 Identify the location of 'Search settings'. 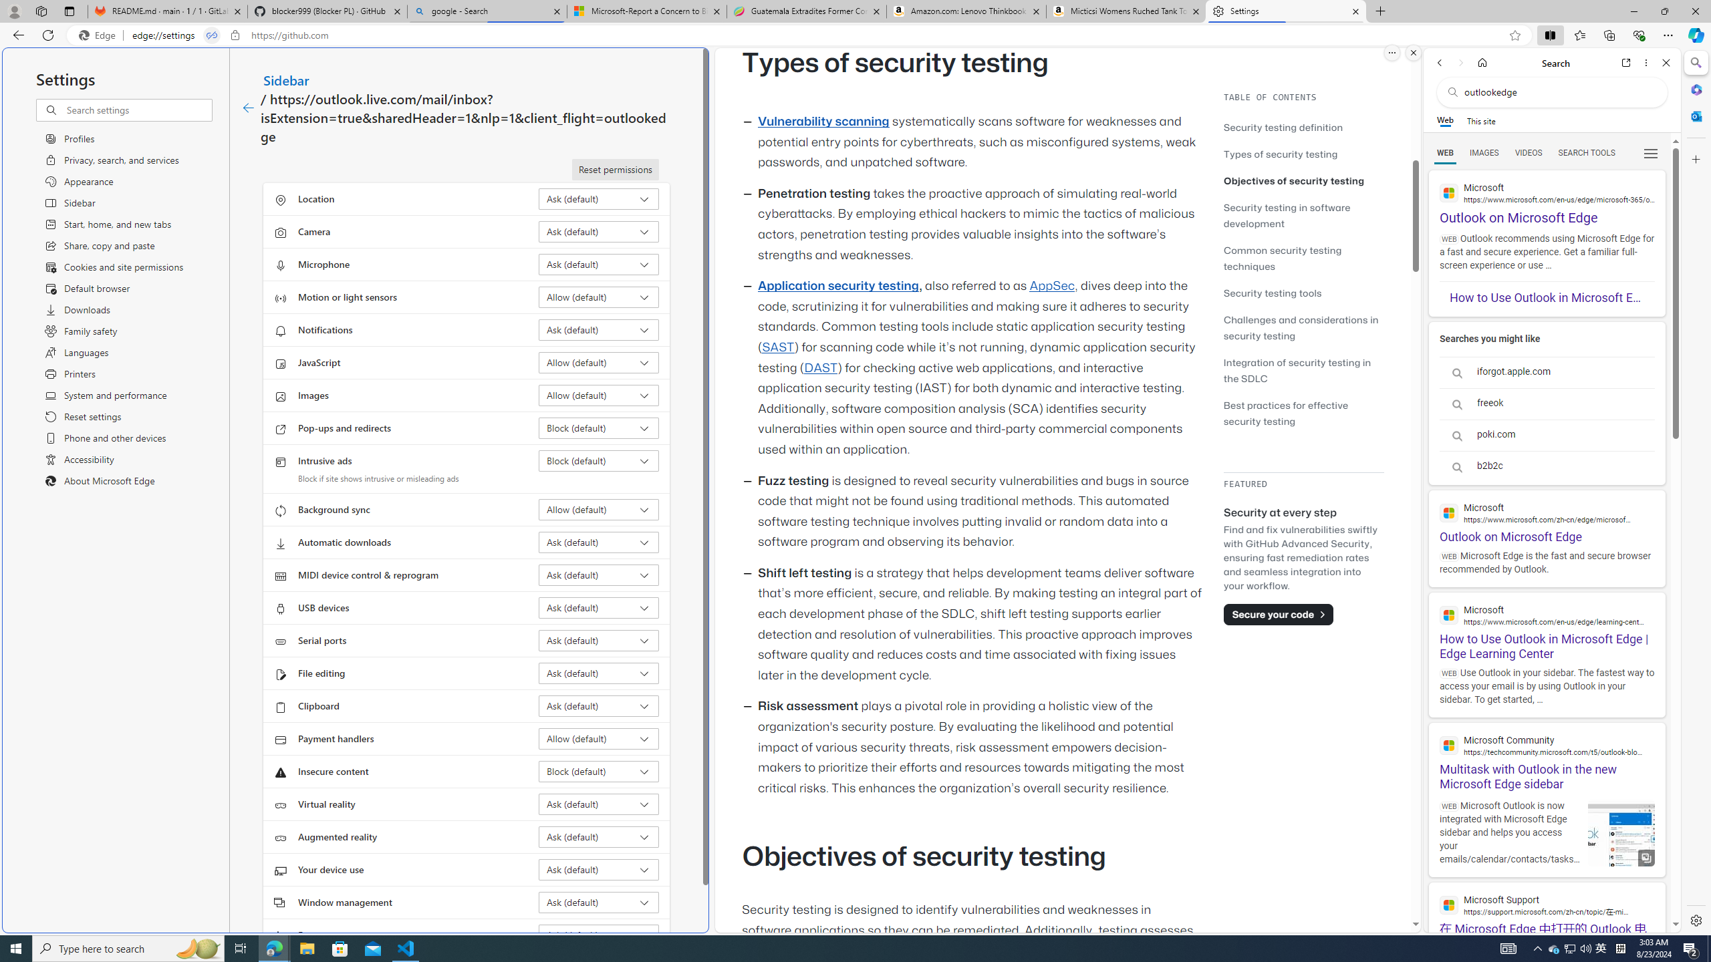
(138, 110).